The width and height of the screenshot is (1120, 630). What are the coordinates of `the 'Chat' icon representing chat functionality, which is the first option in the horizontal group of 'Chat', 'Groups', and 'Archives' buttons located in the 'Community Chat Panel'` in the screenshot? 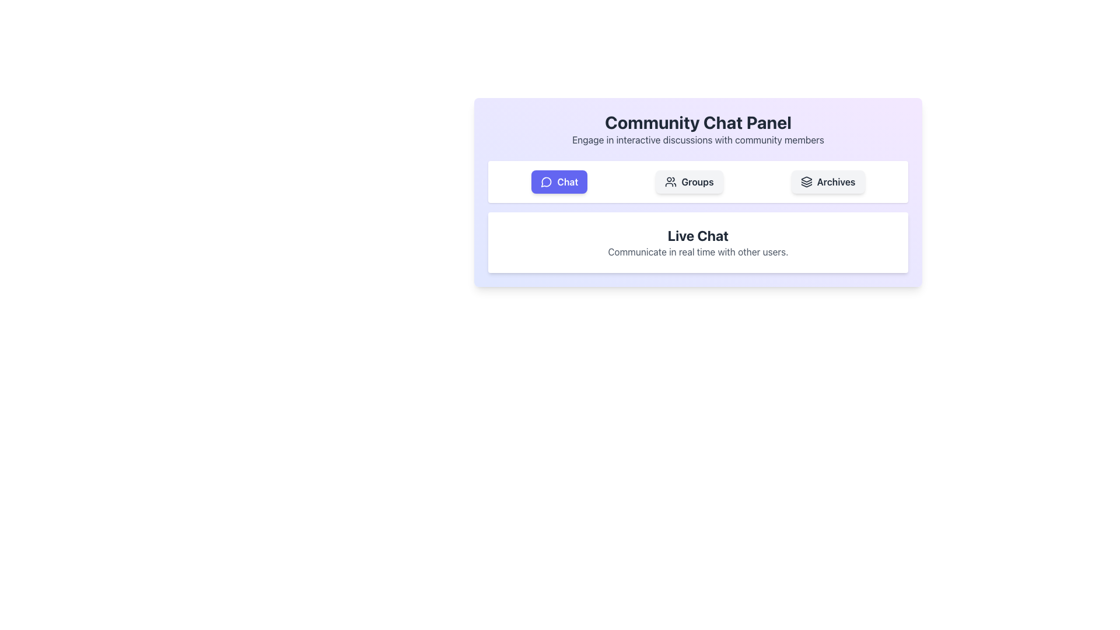 It's located at (546, 182).